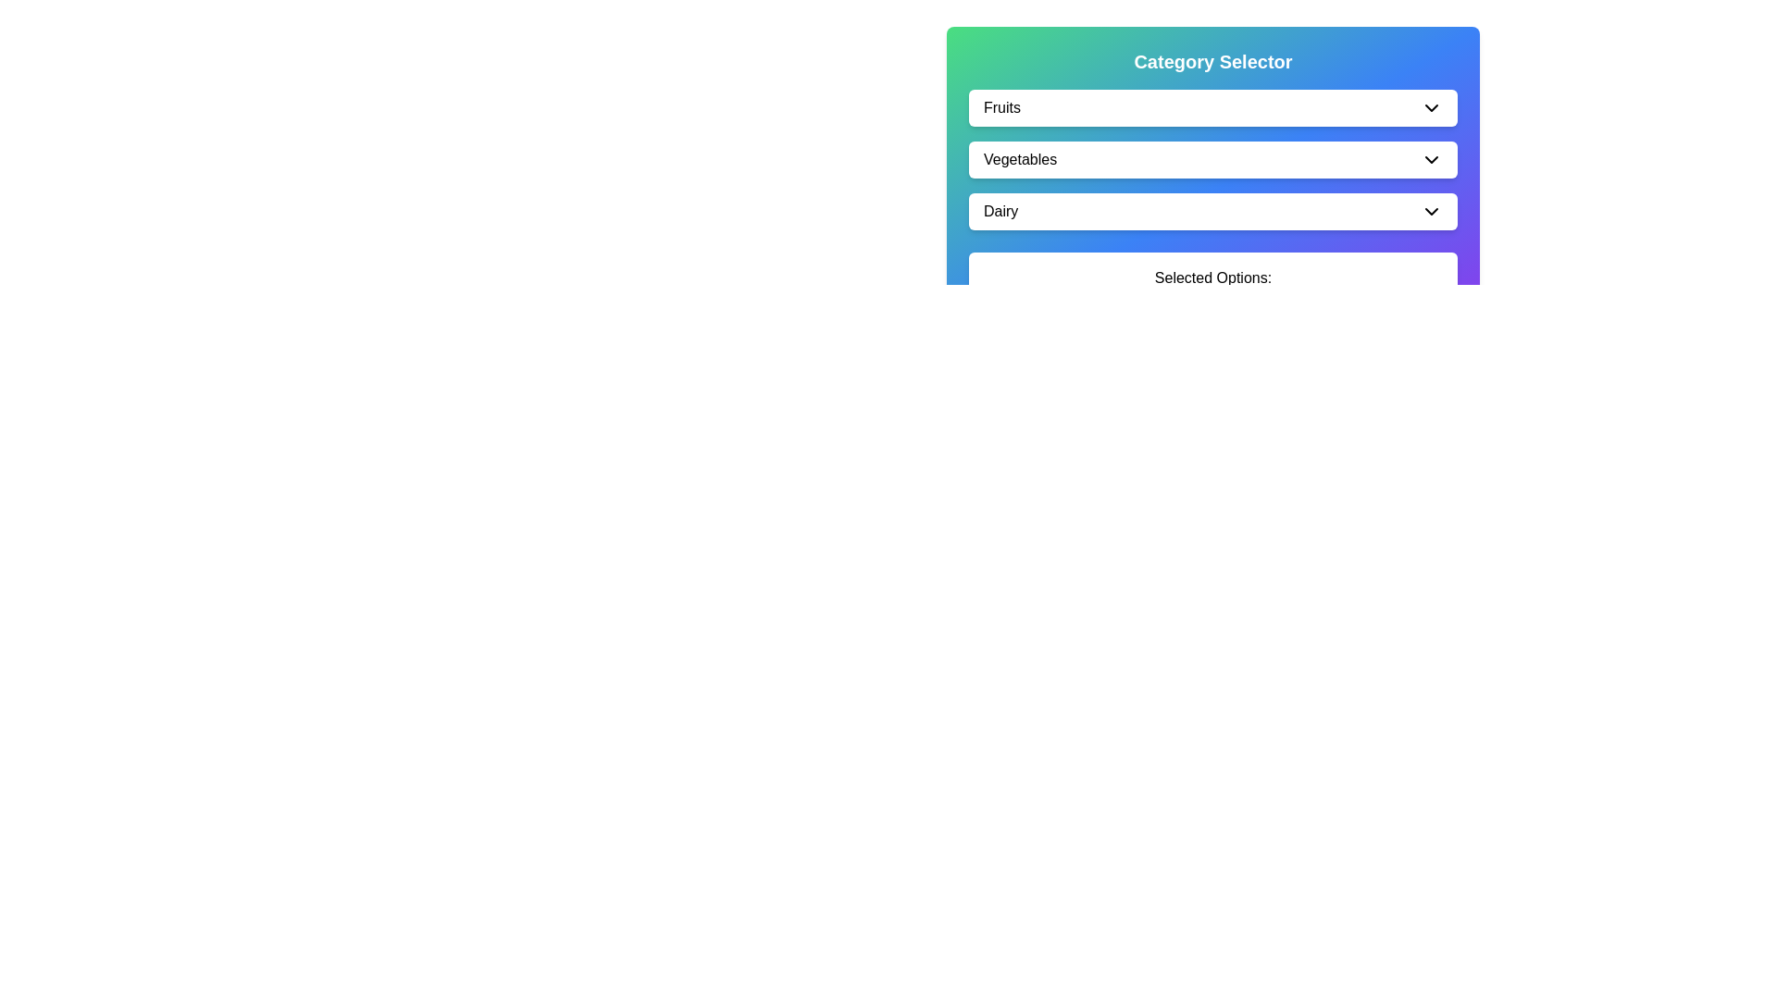 Image resolution: width=1777 pixels, height=999 pixels. I want to click on the 'Fruits' dropdown menu located at the top of the list in the 'Category Selector', so click(1212, 107).